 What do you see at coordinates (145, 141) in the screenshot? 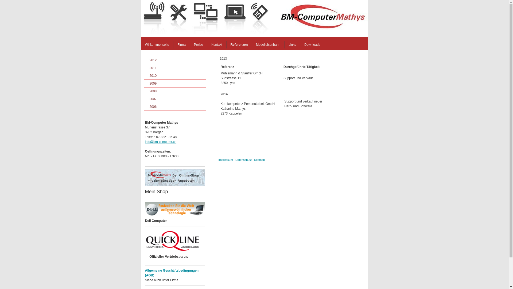
I see `'info@bm-computer.ch'` at bounding box center [145, 141].